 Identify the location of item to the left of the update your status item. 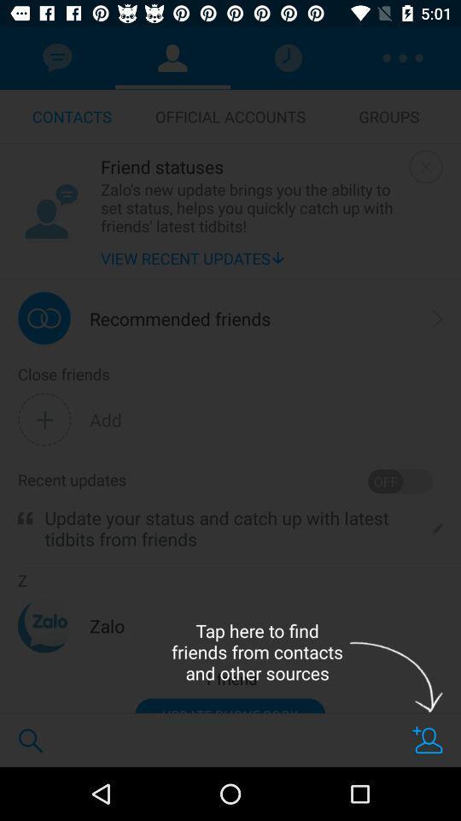
(24, 517).